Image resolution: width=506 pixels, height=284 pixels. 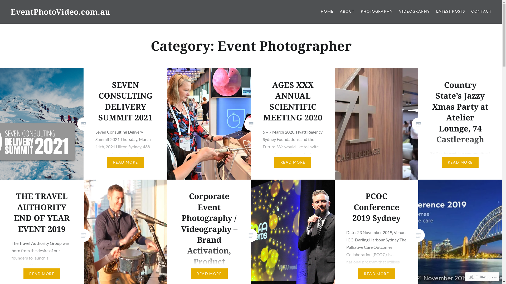 What do you see at coordinates (347, 11) in the screenshot?
I see `'ABOUT'` at bounding box center [347, 11].